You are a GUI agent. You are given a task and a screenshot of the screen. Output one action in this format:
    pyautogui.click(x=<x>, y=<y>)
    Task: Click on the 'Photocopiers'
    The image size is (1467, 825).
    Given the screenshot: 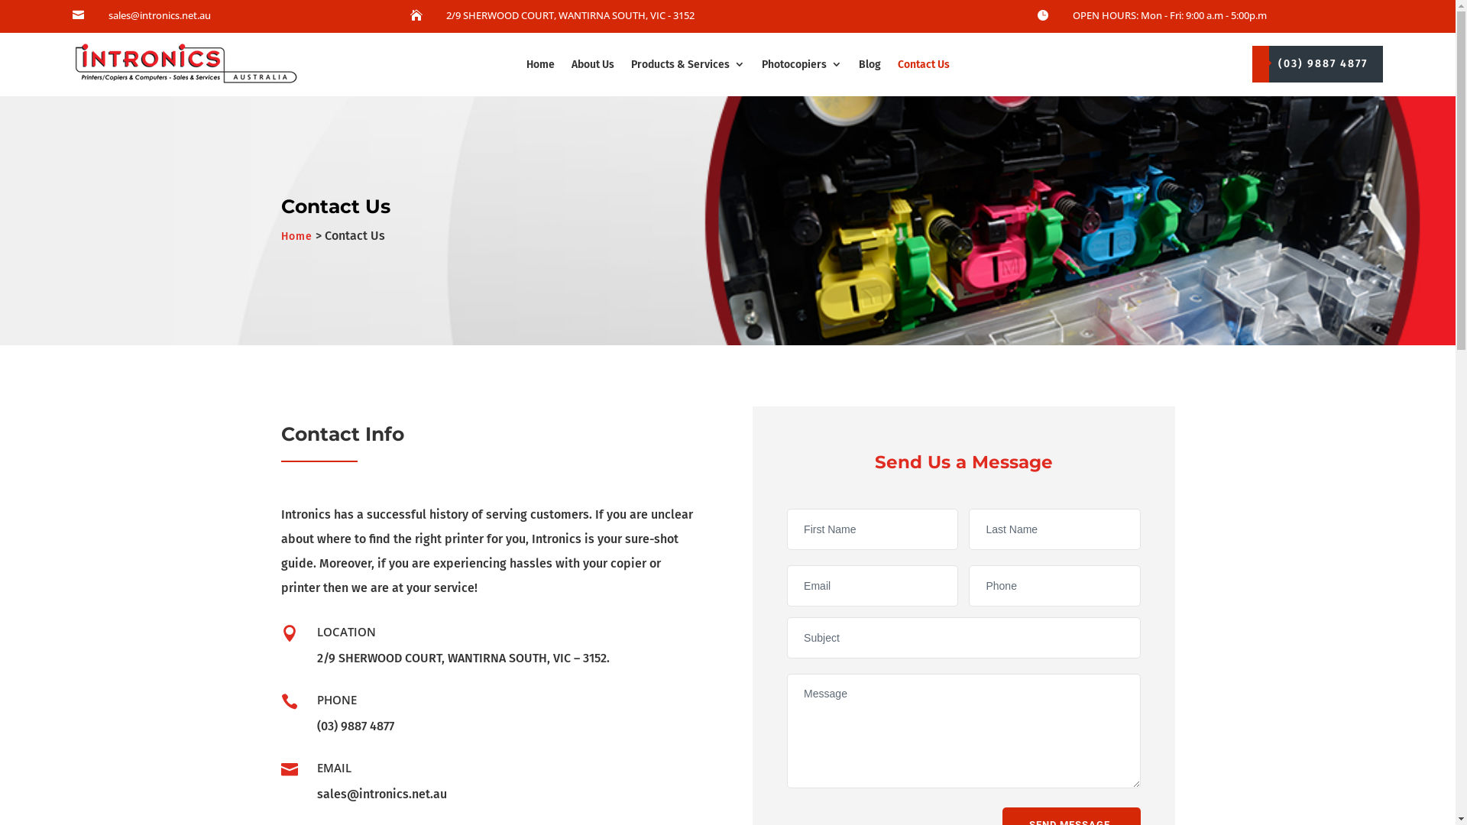 What is the action you would take?
    pyautogui.click(x=801, y=63)
    